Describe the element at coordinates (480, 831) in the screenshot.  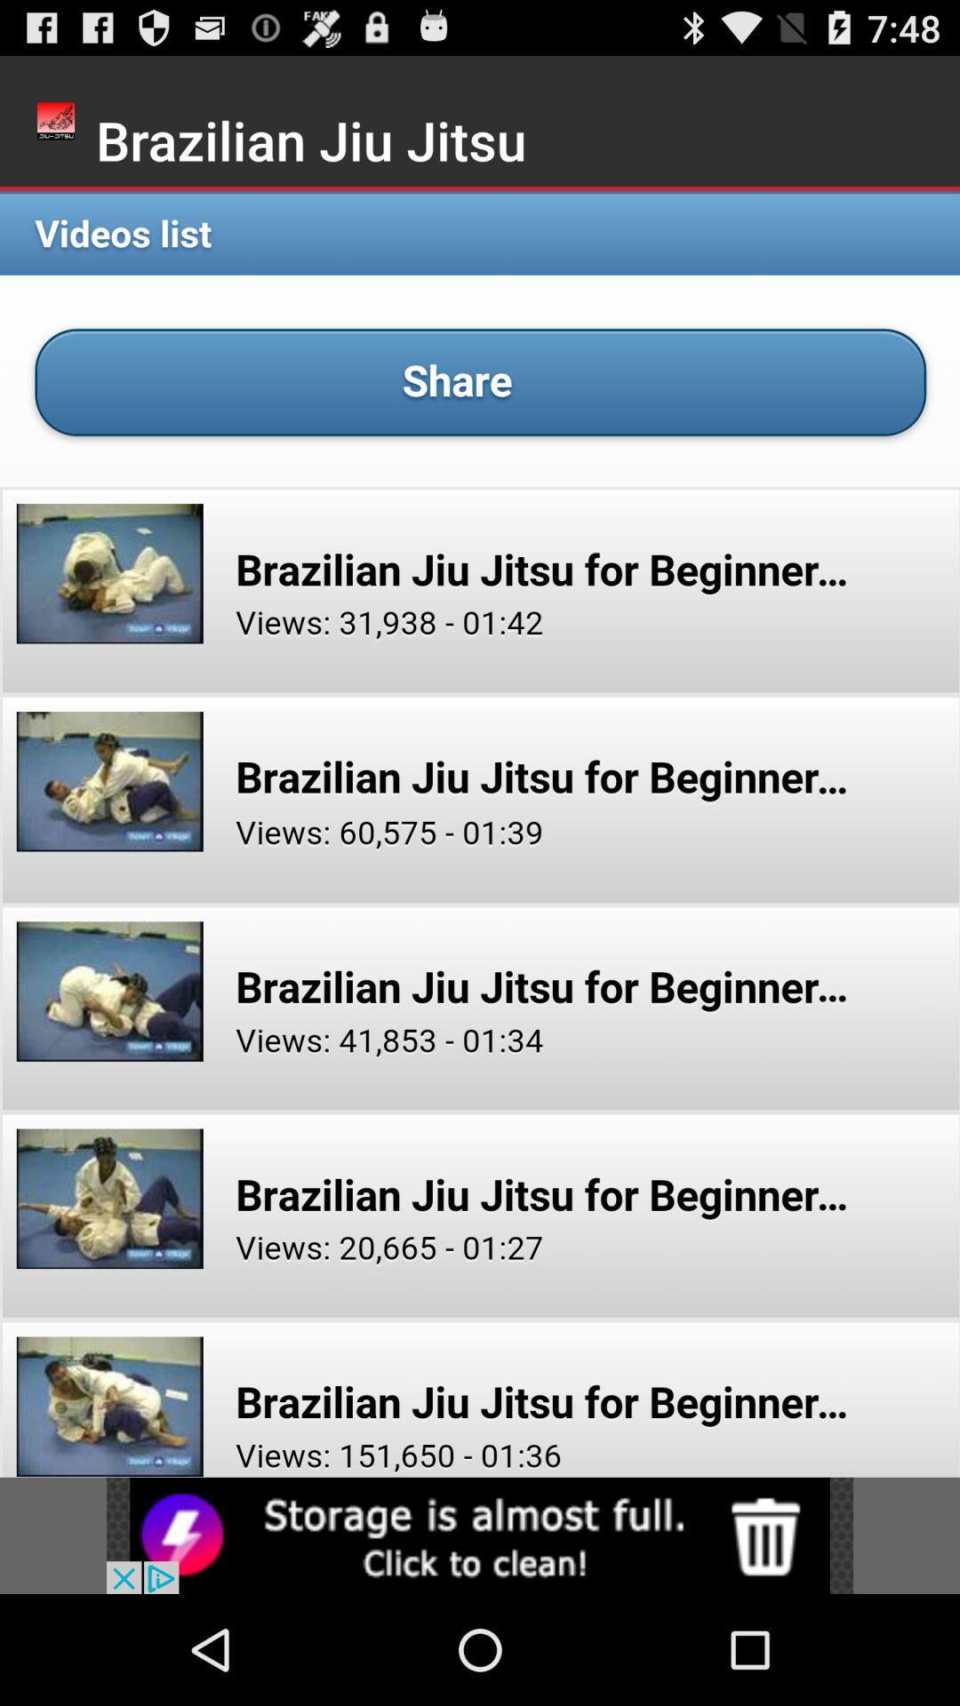
I see `videos list share option` at that location.